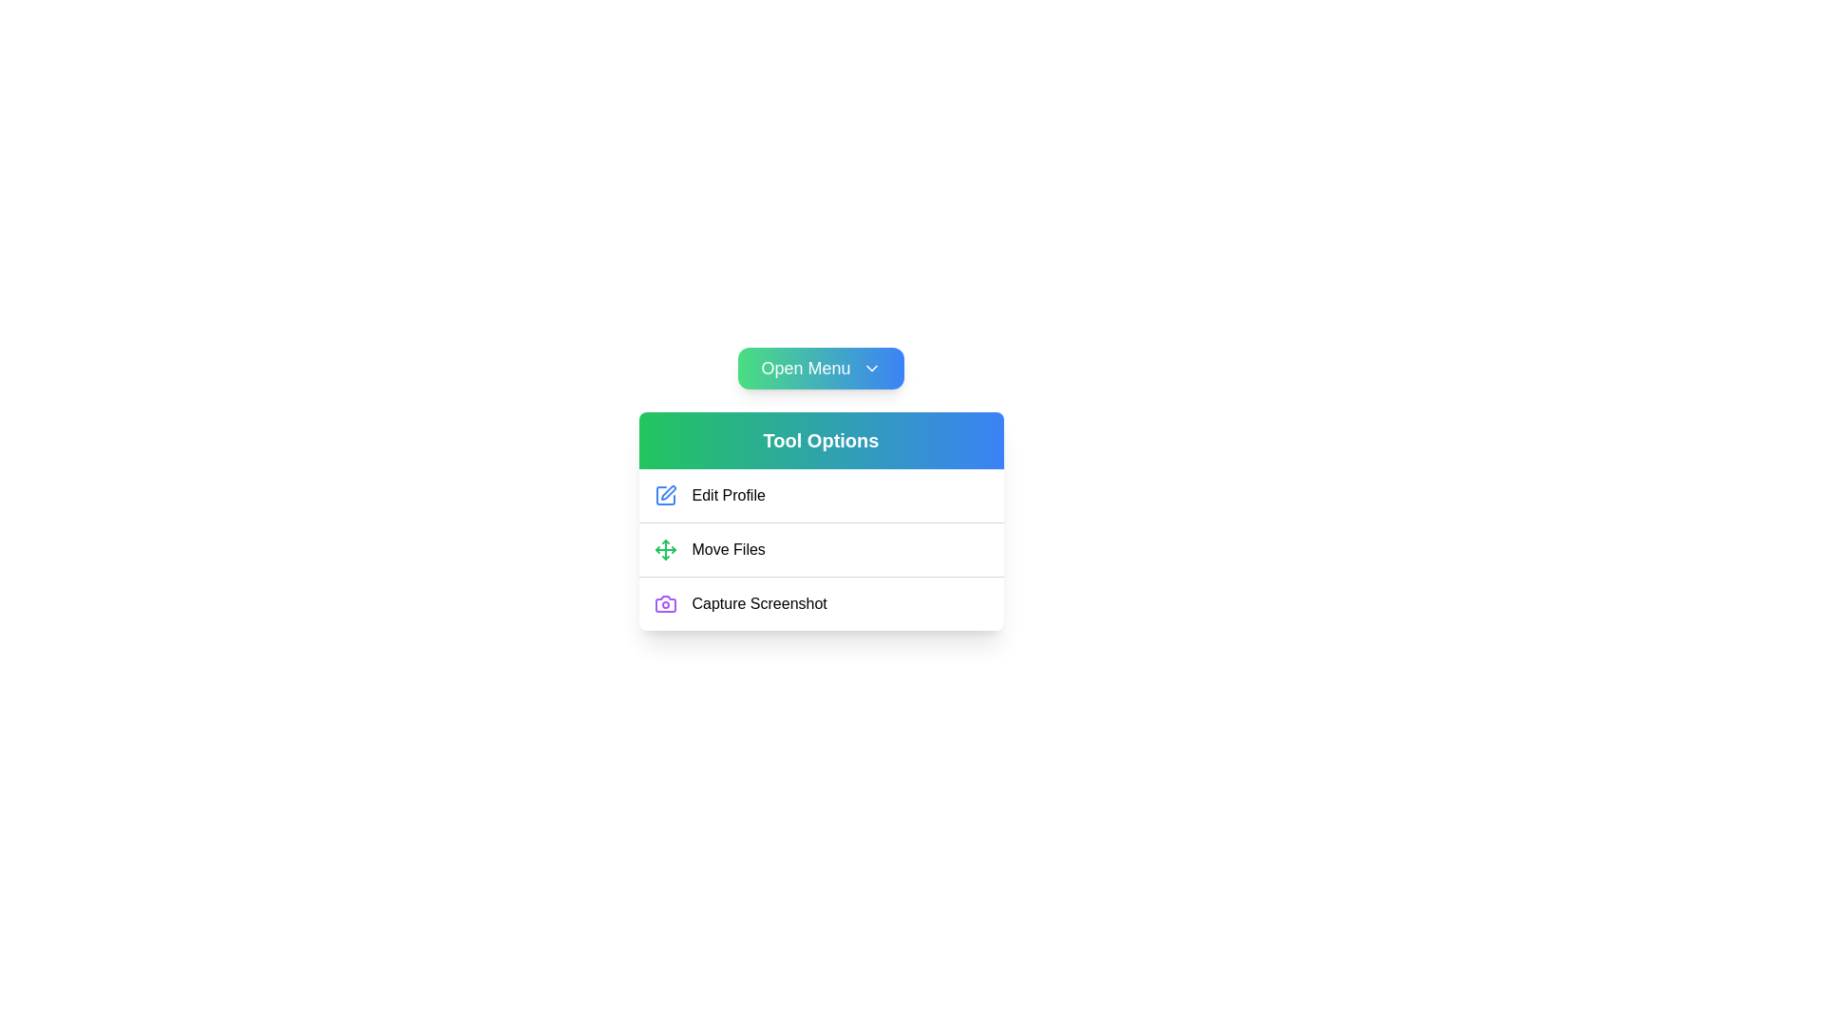 Image resolution: width=1824 pixels, height=1026 pixels. What do you see at coordinates (665, 604) in the screenshot?
I see `the graphical icon for capturing a screenshot in the 'Tool Options' menu` at bounding box center [665, 604].